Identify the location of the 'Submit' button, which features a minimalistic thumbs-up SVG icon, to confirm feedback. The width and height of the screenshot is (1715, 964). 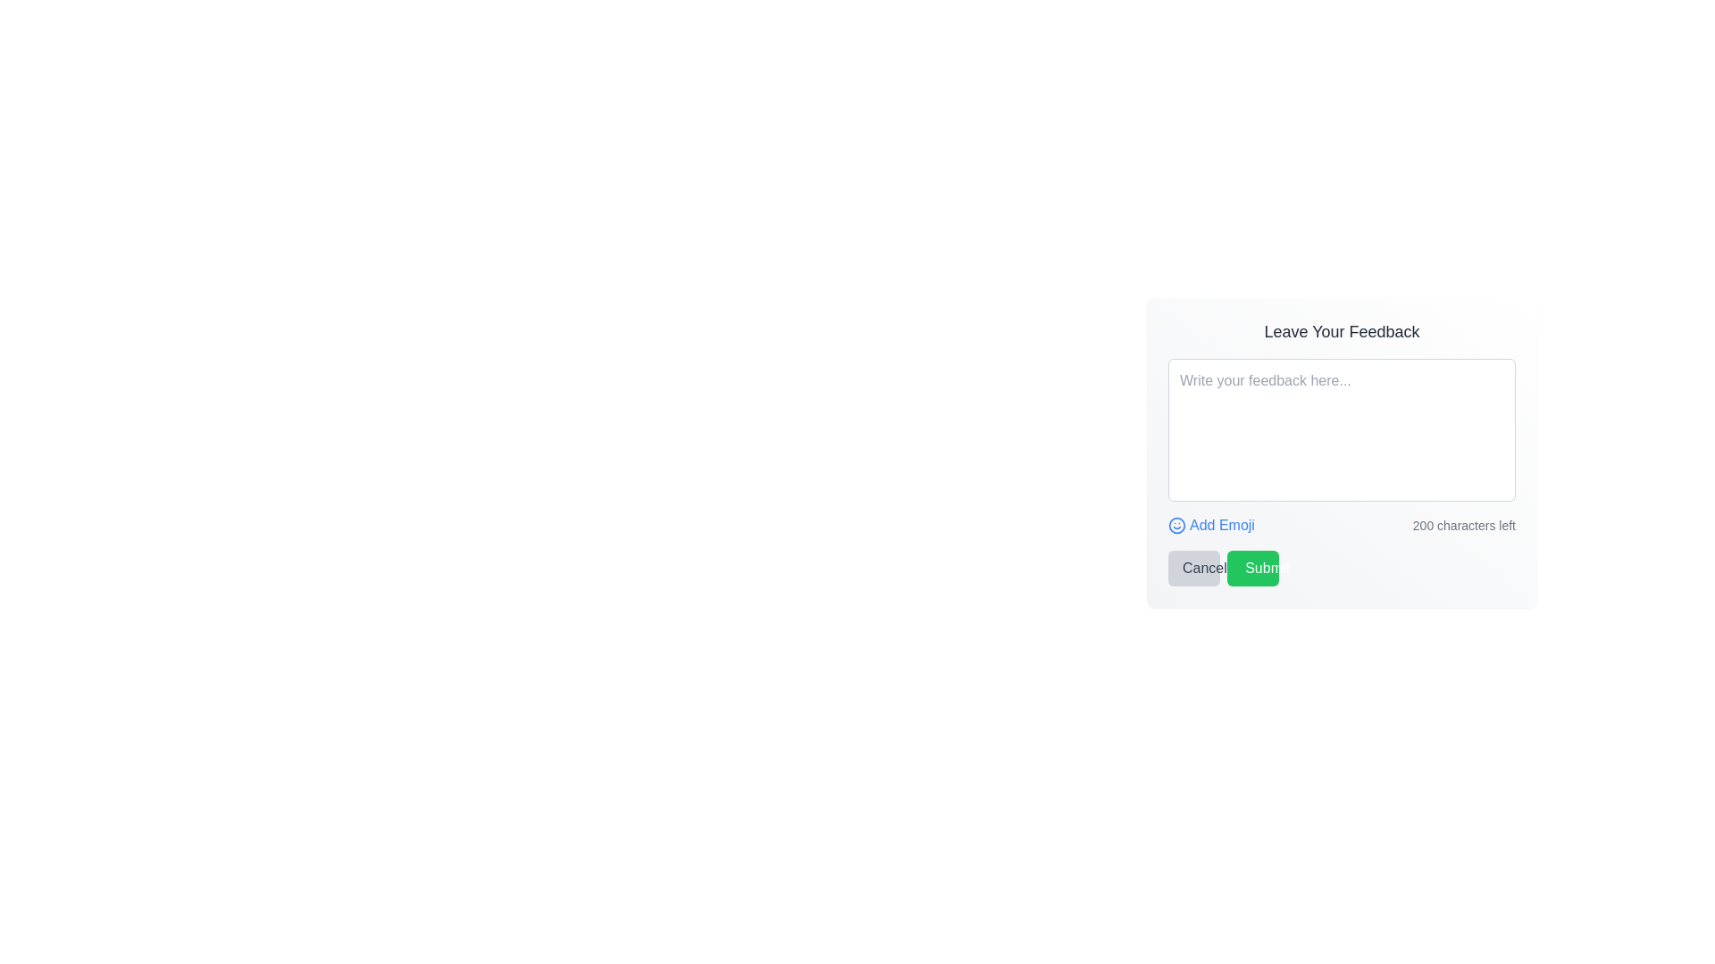
(1251, 571).